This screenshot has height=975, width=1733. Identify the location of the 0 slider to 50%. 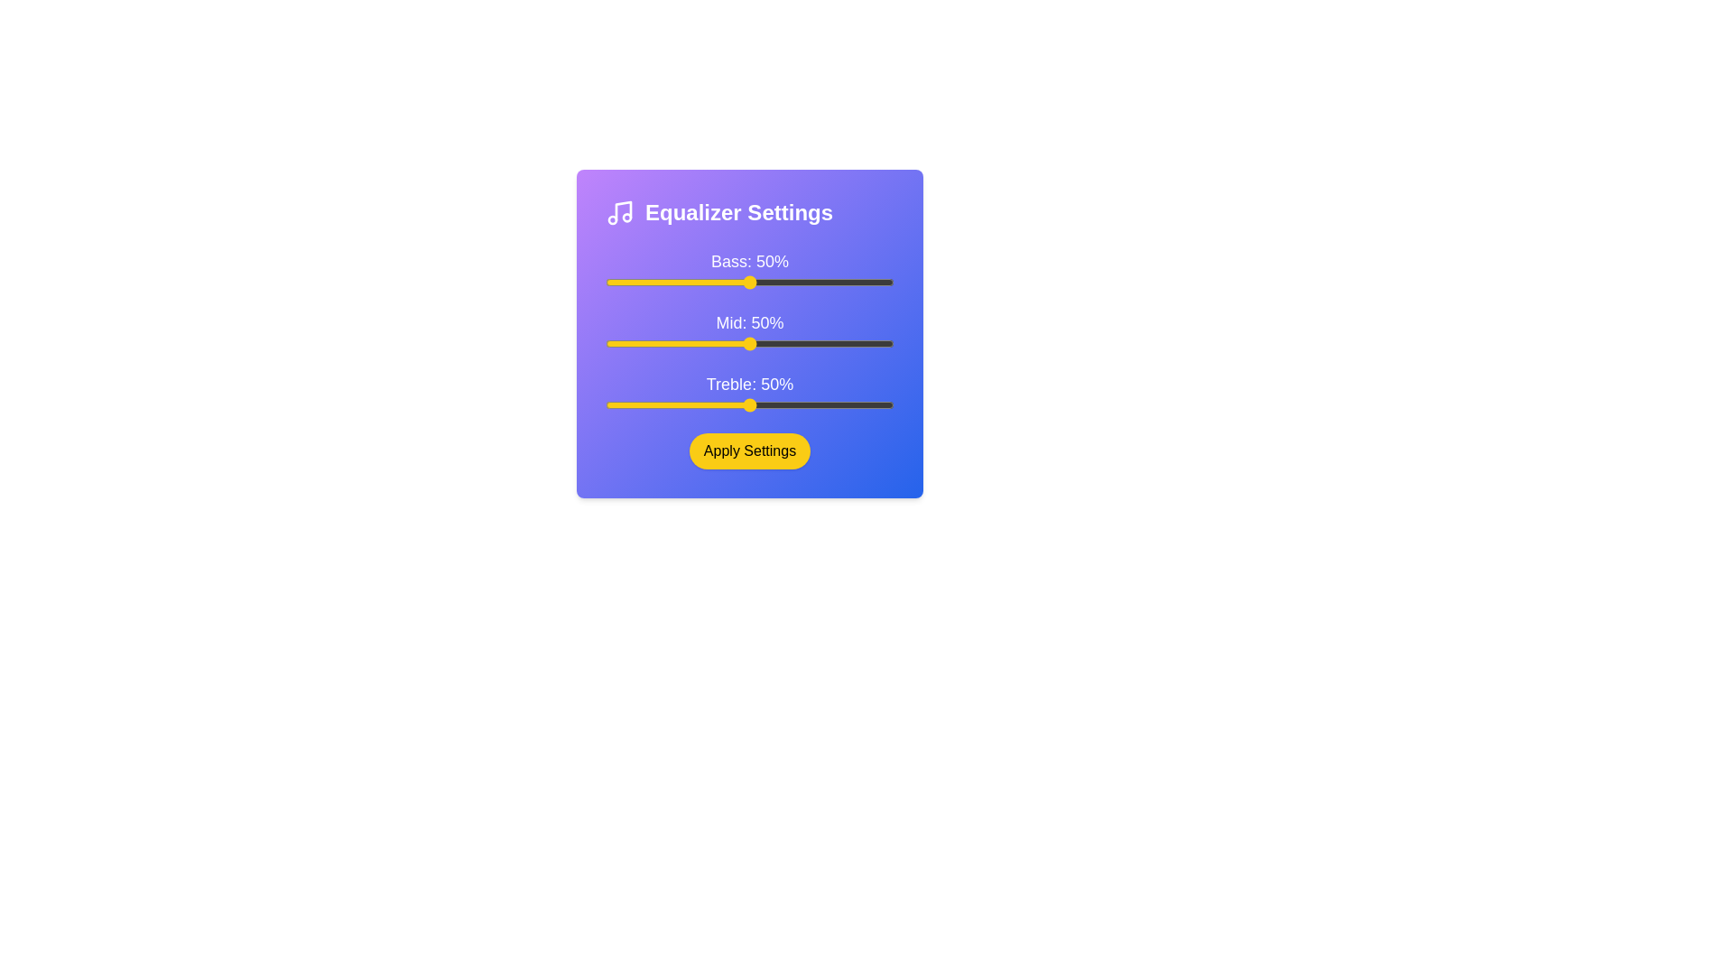
(894, 282).